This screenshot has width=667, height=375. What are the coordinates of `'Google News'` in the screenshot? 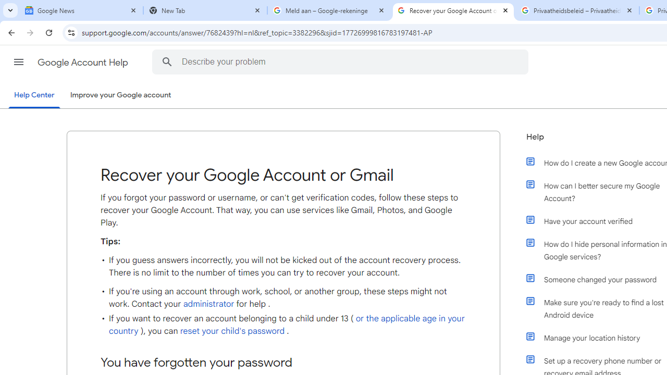 It's located at (81, 10).